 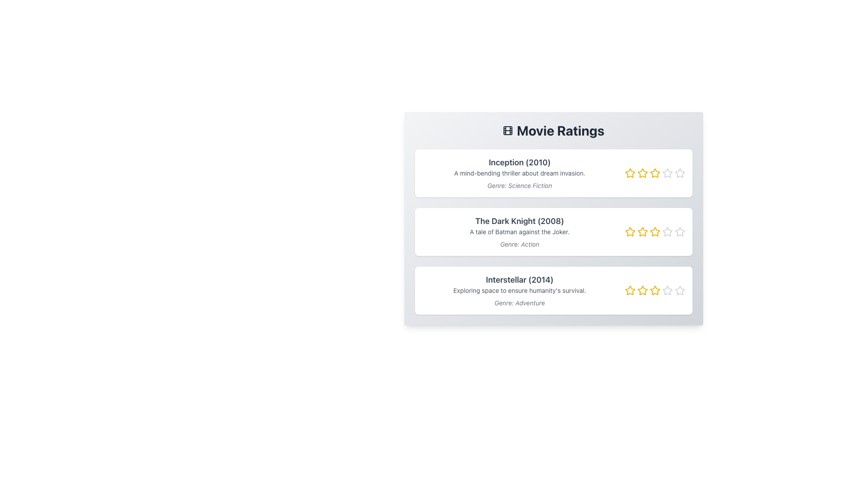 What do you see at coordinates (655, 173) in the screenshot?
I see `the third star icon for rating located in the 'Inception (2010)' card under the 'Movie Ratings' section` at bounding box center [655, 173].